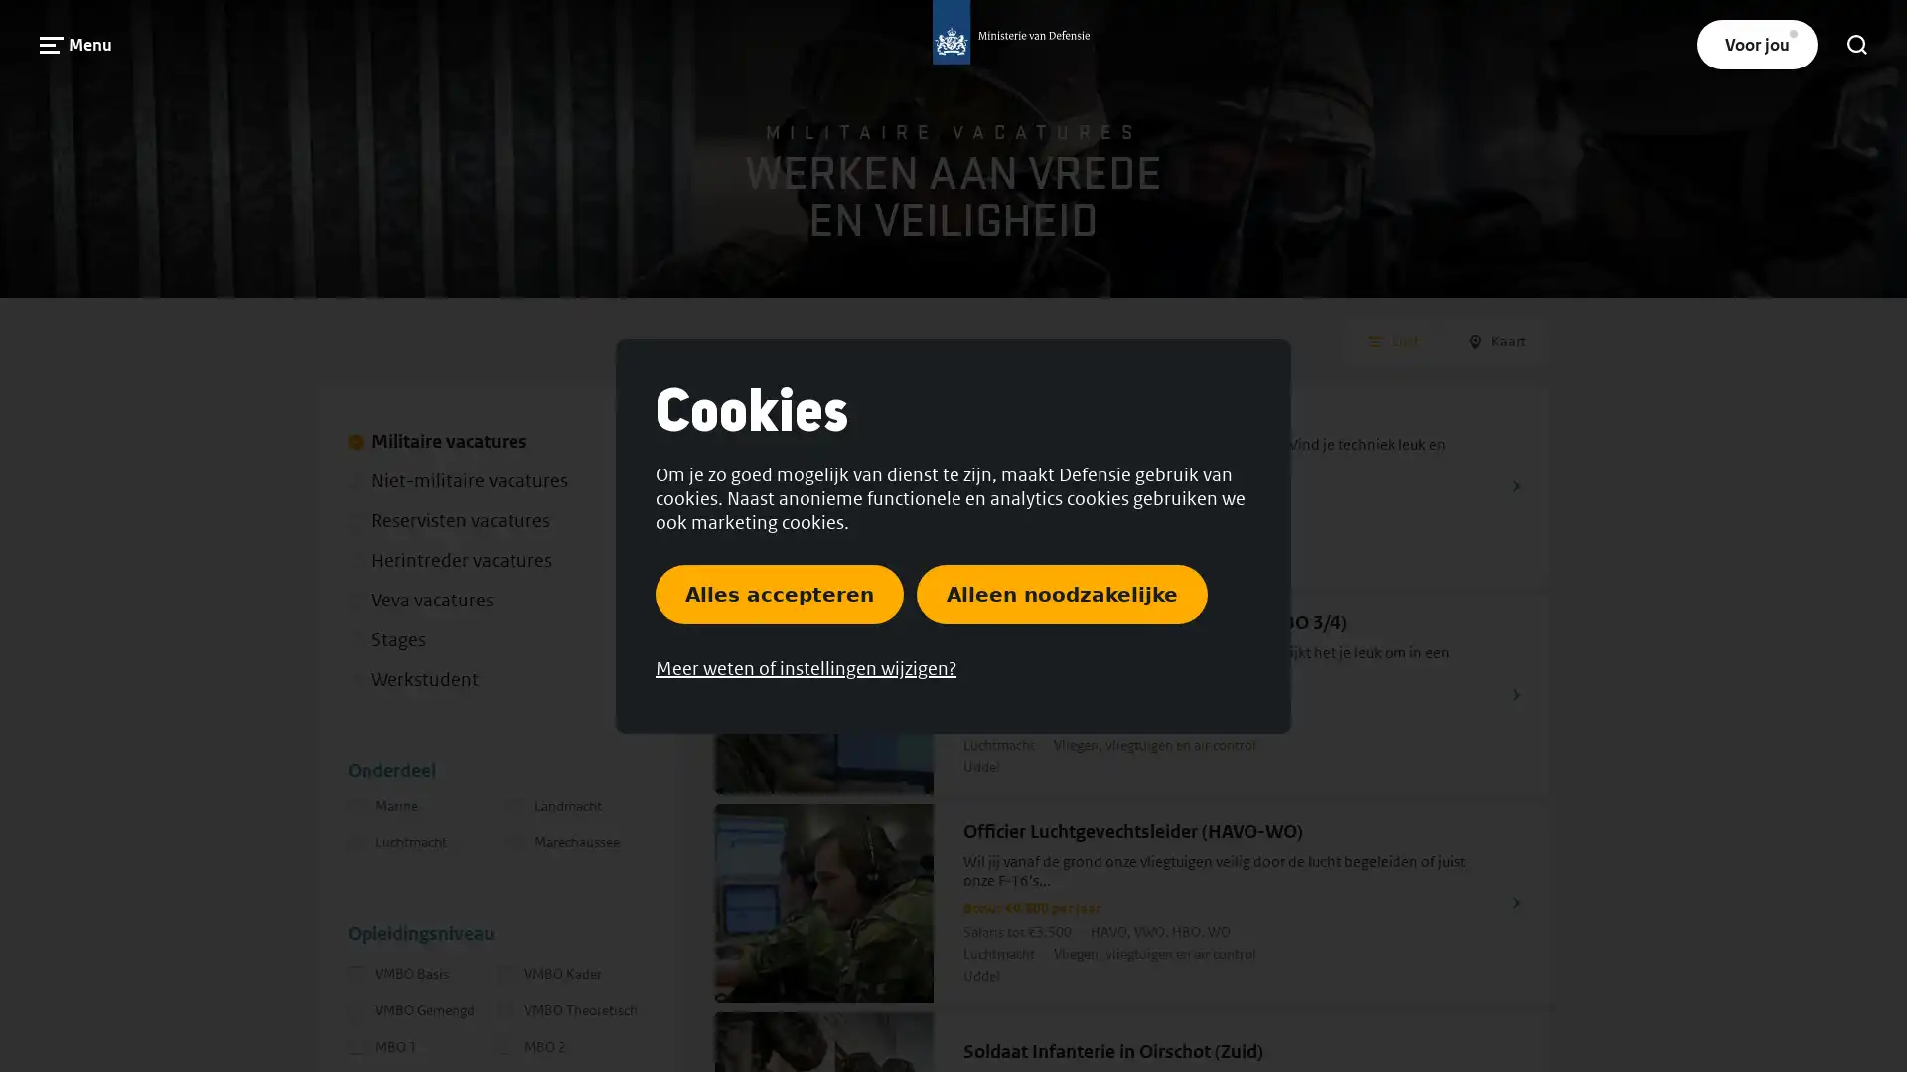  What do you see at coordinates (779, 592) in the screenshot?
I see `Alles accepteren` at bounding box center [779, 592].